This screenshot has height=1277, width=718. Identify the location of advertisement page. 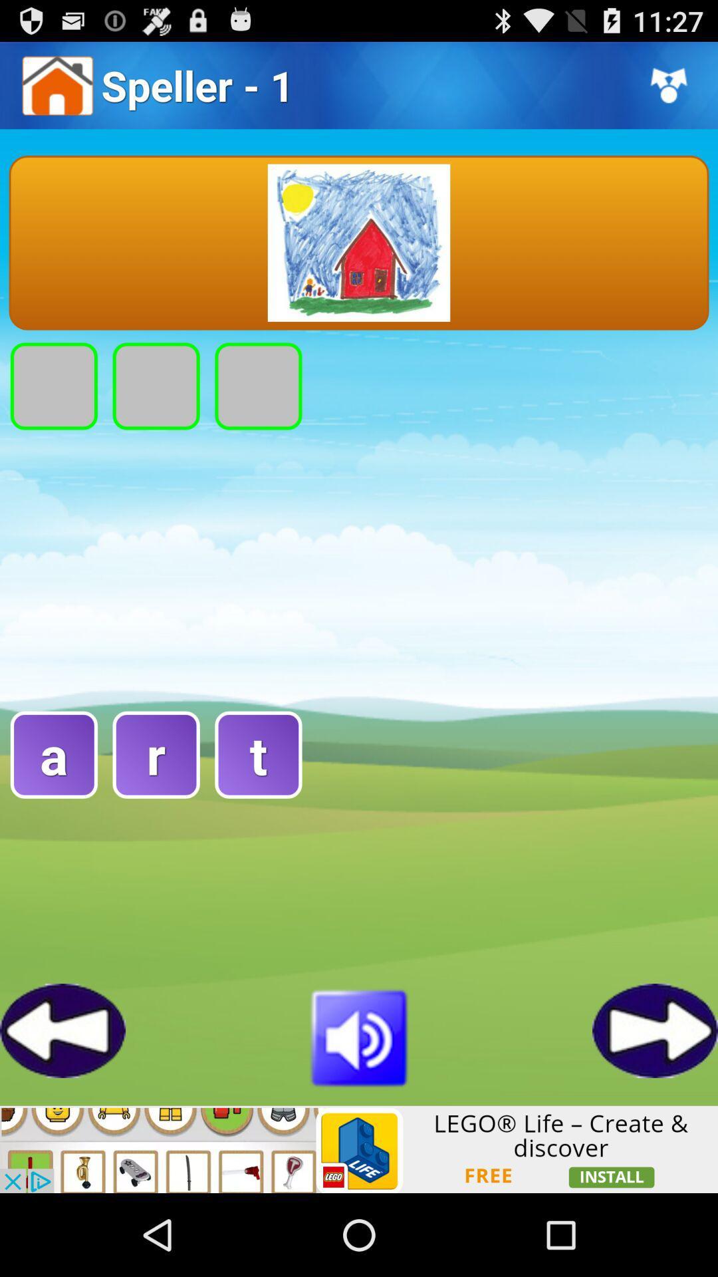
(359, 1149).